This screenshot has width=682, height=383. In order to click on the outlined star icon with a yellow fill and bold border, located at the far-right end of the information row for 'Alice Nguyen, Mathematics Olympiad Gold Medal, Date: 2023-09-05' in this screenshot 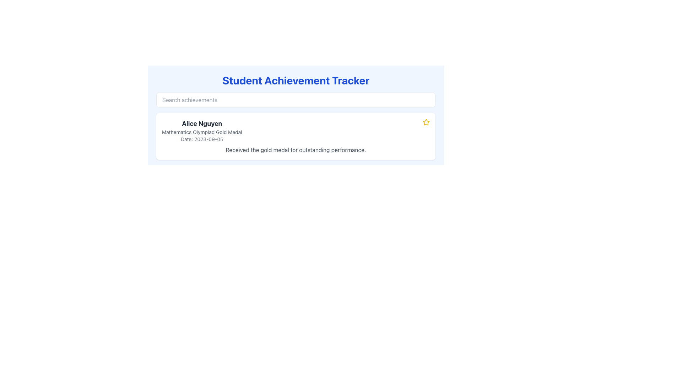, I will do `click(426, 122)`.